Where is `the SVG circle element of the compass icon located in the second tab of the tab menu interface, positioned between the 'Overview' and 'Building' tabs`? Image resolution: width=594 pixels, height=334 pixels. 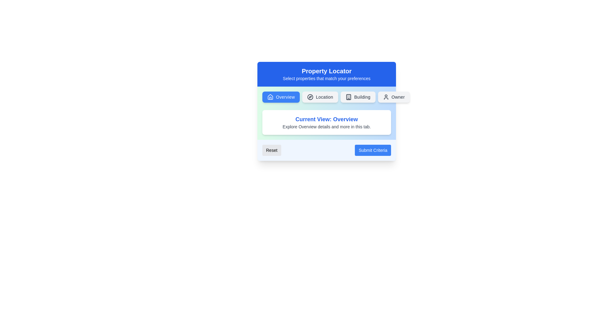
the SVG circle element of the compass icon located in the second tab of the tab menu interface, positioned between the 'Overview' and 'Building' tabs is located at coordinates (310, 97).